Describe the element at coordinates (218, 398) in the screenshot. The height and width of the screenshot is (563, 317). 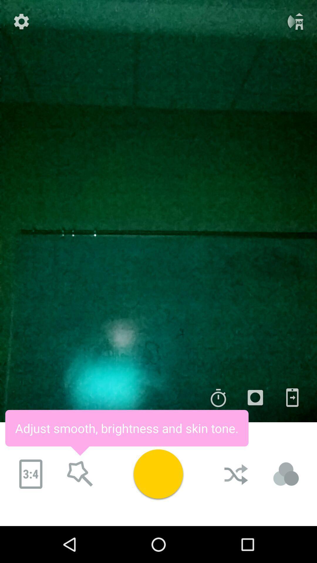
I see `the time icon` at that location.